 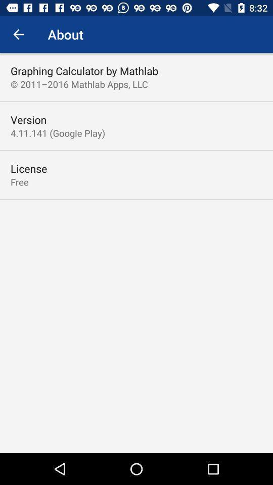 What do you see at coordinates (28, 120) in the screenshot?
I see `version icon` at bounding box center [28, 120].